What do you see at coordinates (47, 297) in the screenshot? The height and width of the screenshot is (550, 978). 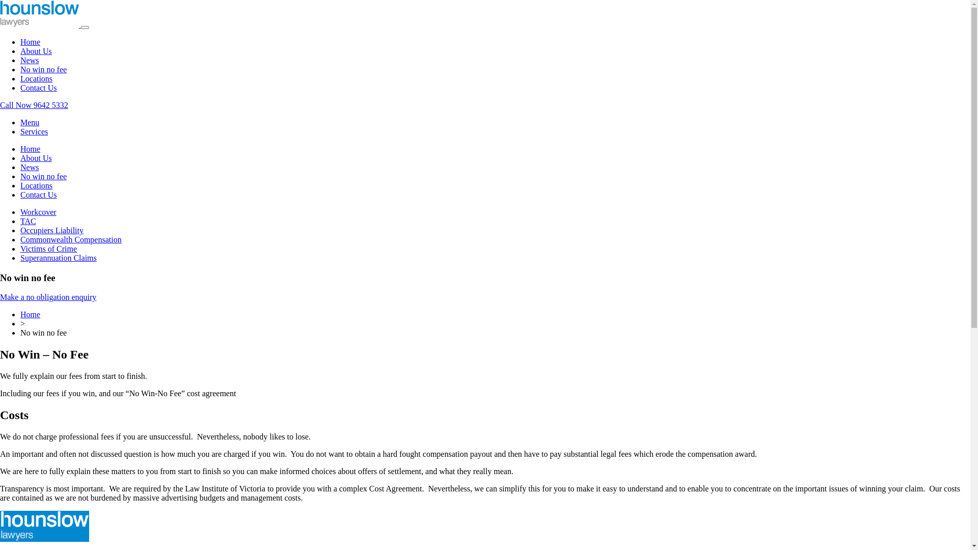 I see `'Make a no obligation enquiry'` at bounding box center [47, 297].